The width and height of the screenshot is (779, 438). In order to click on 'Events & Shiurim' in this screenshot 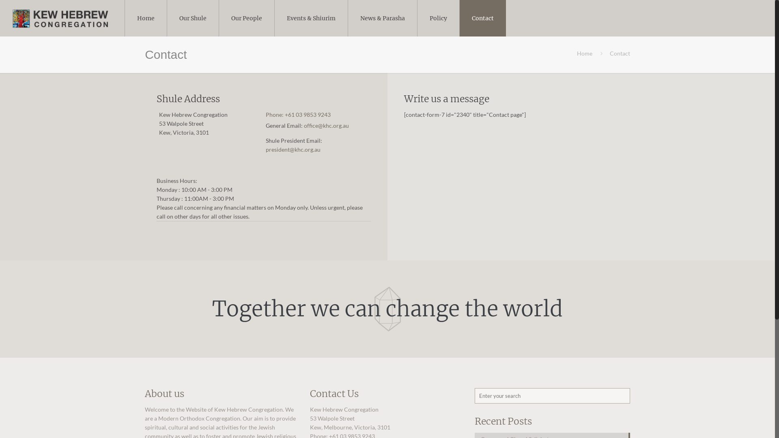, I will do `click(311, 18)`.